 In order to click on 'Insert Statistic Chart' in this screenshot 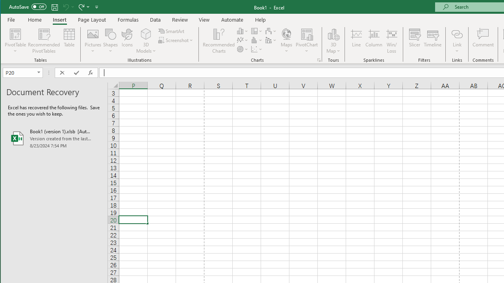, I will do `click(257, 40)`.